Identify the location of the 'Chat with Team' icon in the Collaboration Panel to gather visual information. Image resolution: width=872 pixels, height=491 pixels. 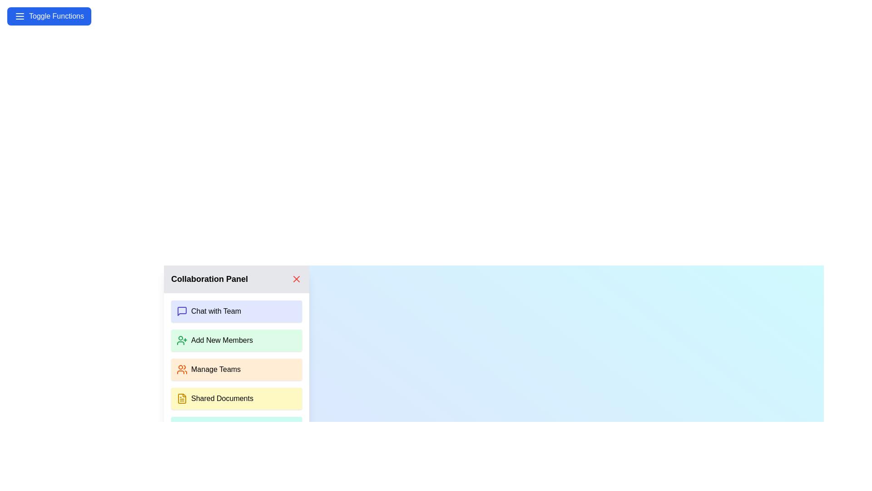
(182, 311).